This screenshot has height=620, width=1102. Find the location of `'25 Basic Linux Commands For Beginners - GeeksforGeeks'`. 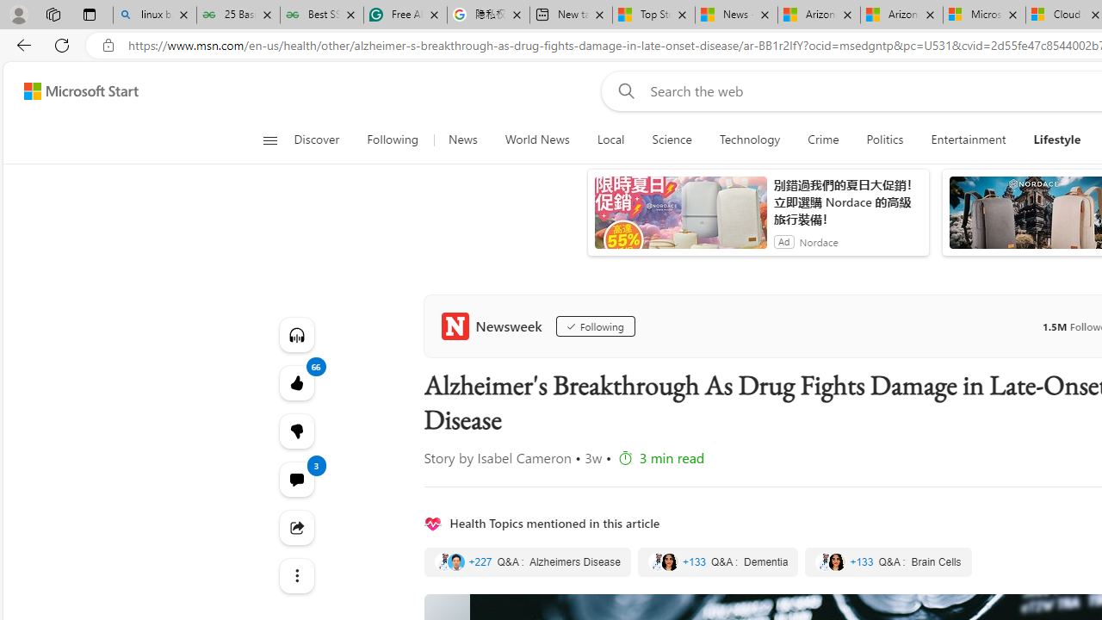

'25 Basic Linux Commands For Beginners - GeeksforGeeks' is located at coordinates (238, 15).